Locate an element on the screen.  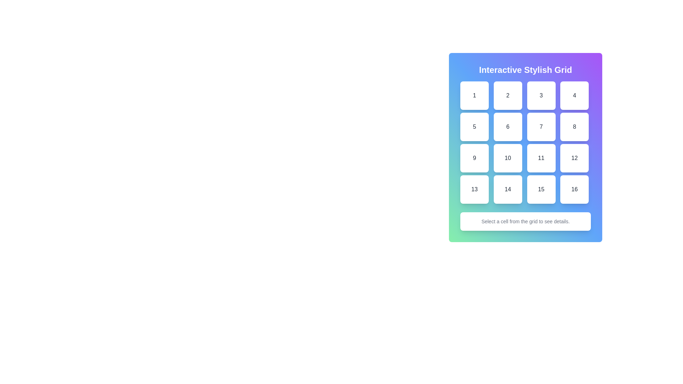
the button labeled '10' in the third row and second column of the grid to observe the hover effect is located at coordinates (507, 158).